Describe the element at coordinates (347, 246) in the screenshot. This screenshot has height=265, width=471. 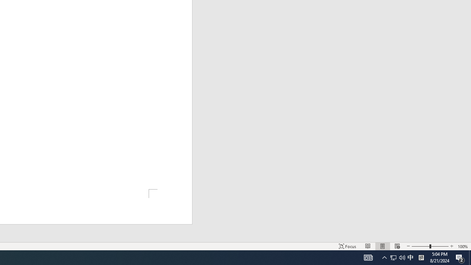
I see `'Focus '` at that location.